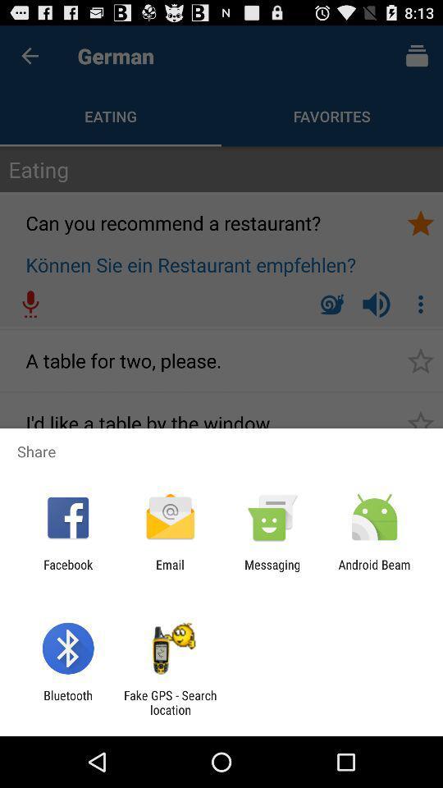  I want to click on the app to the left of the email app, so click(67, 571).